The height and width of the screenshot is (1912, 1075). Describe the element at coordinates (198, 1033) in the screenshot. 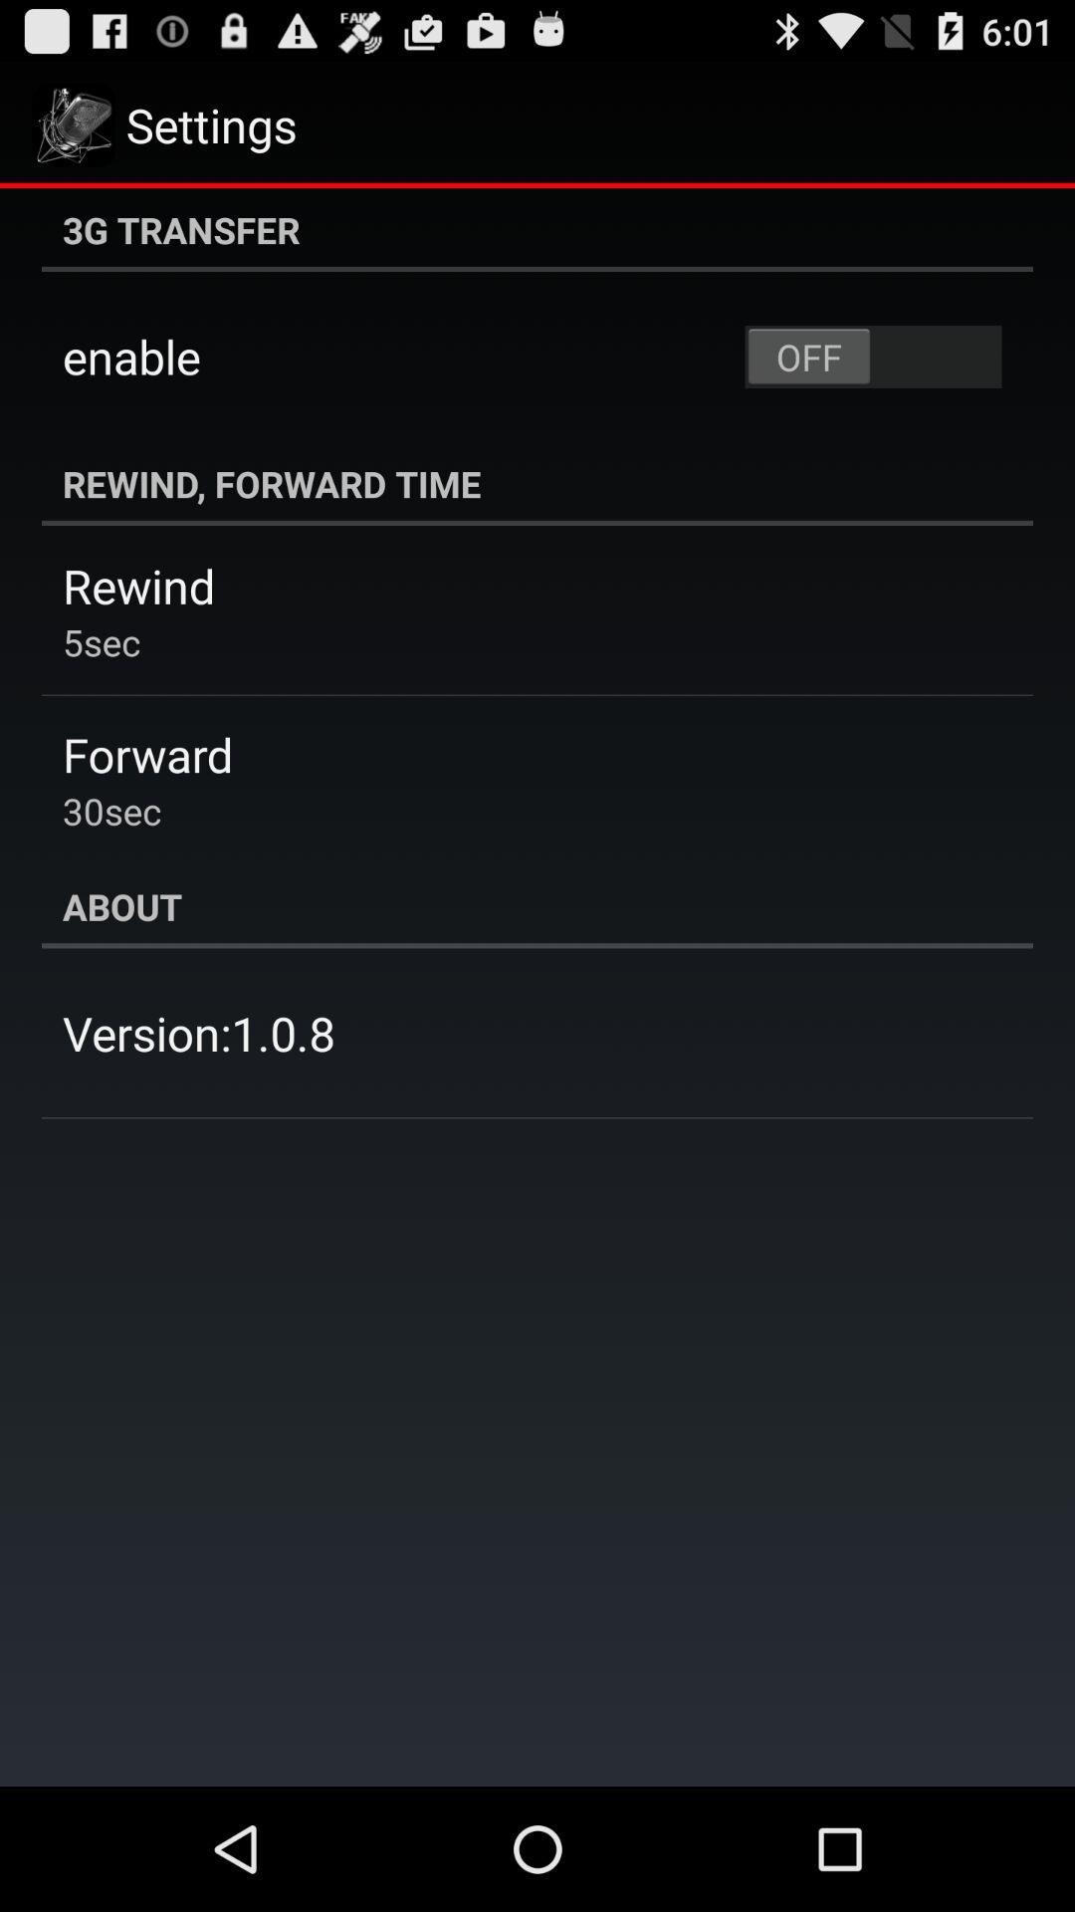

I see `version 1 0 icon` at that location.